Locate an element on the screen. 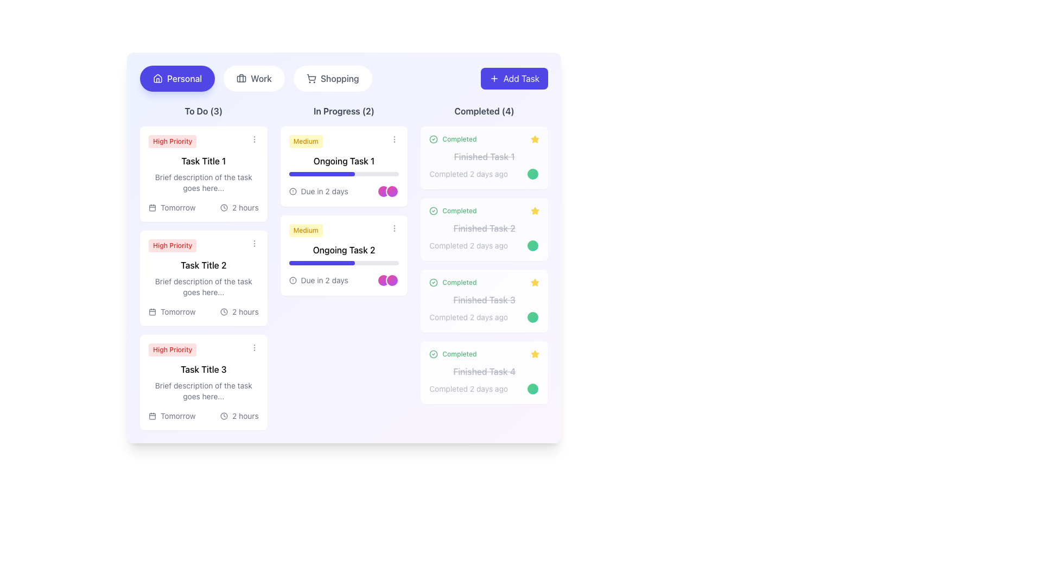 The image size is (1042, 586). the first Task card in the 'In Progress' column is located at coordinates (343, 167).